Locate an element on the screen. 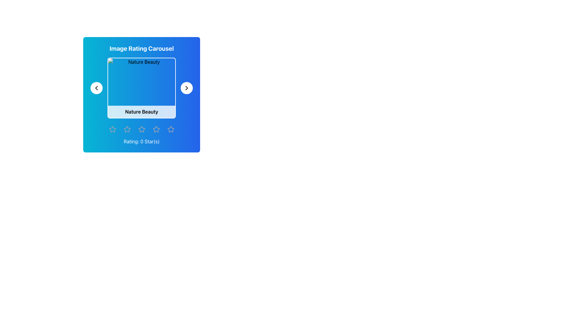 The image size is (583, 328). the third hollow star icon in the row of five stars to rate it on the 'Image Rating Carousel' card is located at coordinates (141, 129).